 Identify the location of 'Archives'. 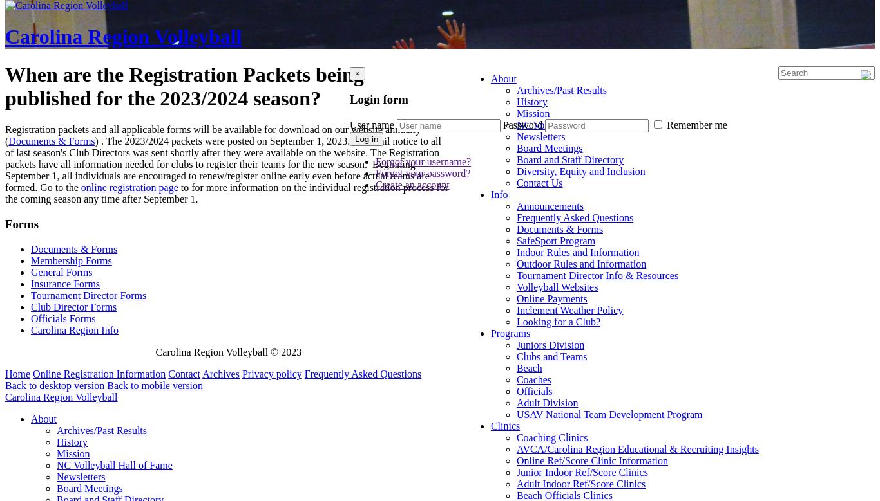
(220, 372).